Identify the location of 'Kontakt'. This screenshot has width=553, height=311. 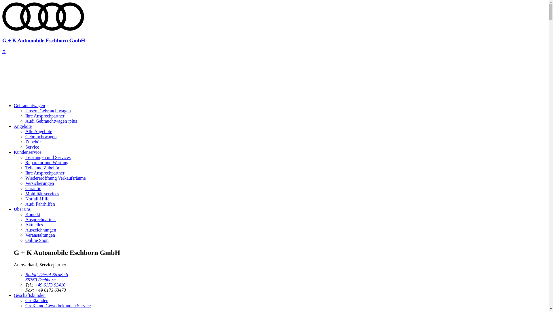
(25, 214).